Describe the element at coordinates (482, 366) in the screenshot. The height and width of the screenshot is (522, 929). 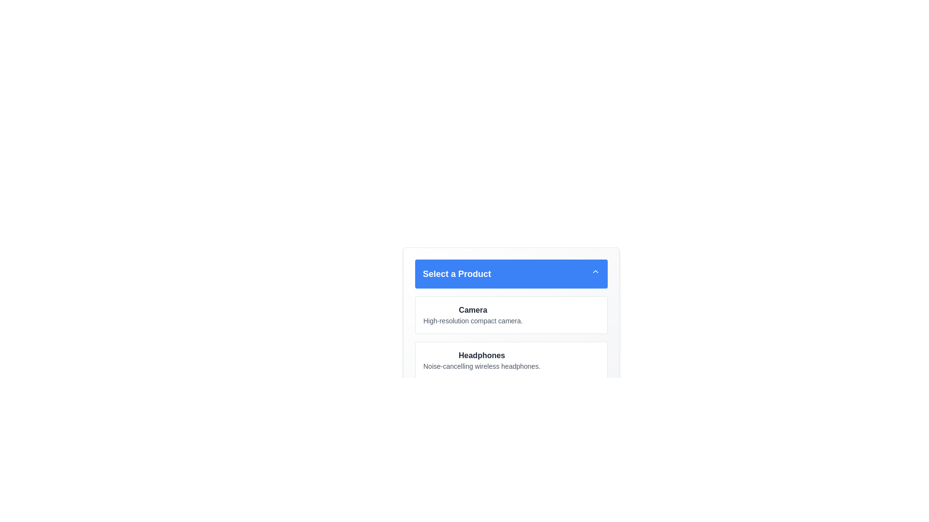
I see `description text for the product 'Headphones' located under the 'Select a Product' section` at that location.